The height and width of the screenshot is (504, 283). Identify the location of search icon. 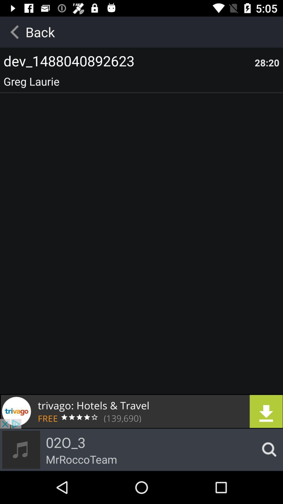
(268, 449).